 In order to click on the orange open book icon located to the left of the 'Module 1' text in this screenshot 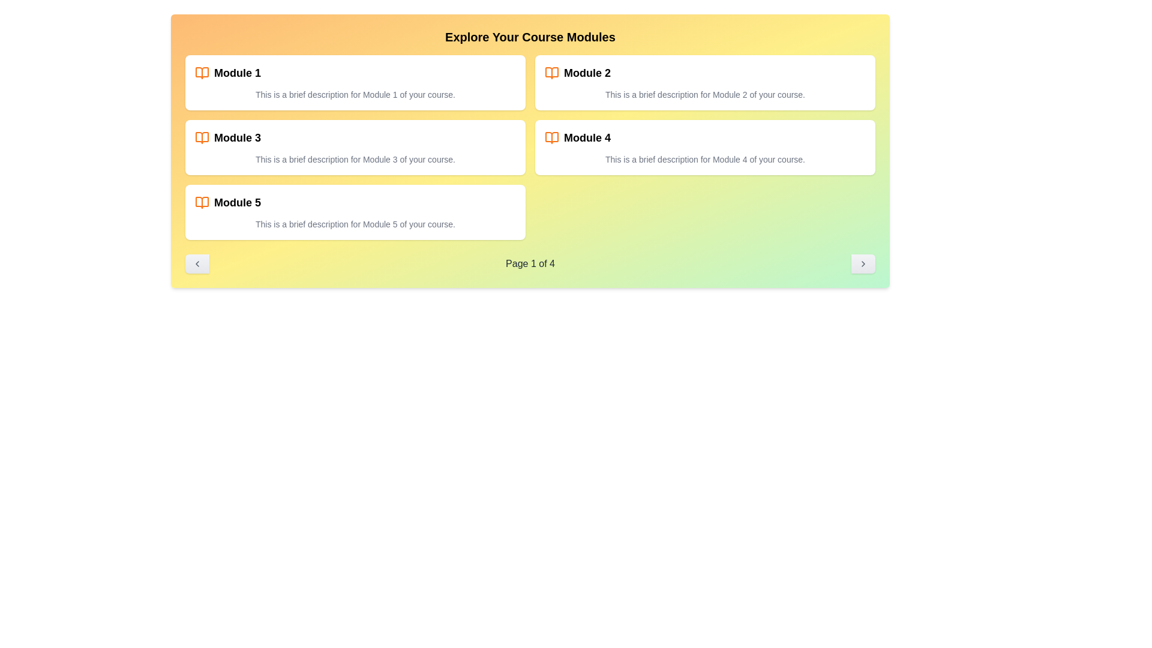, I will do `click(202, 73)`.